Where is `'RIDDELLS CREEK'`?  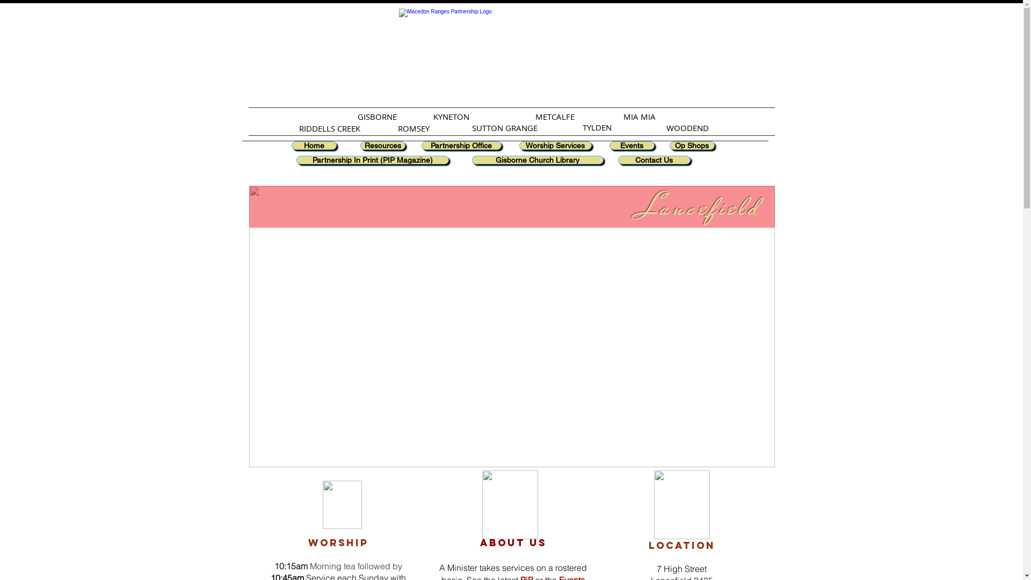
'RIDDELLS CREEK' is located at coordinates (299, 128).